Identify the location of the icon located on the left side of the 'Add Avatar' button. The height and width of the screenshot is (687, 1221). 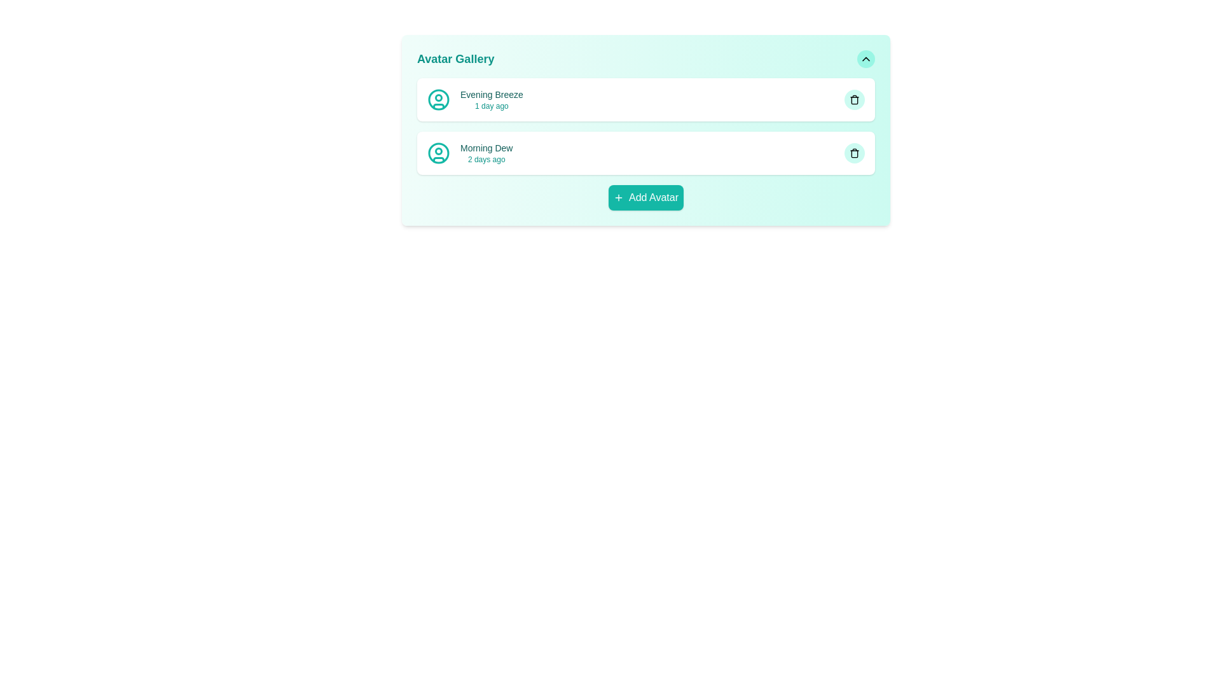
(619, 198).